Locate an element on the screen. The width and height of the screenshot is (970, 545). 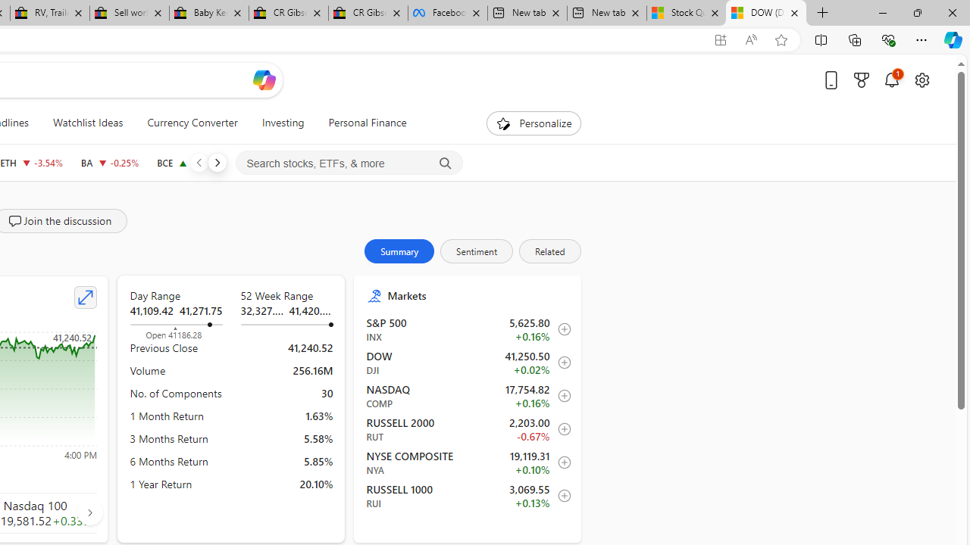
'RV, Trailer & Camper Steps & Ladders for sale | eBay' is located at coordinates (49, 13).